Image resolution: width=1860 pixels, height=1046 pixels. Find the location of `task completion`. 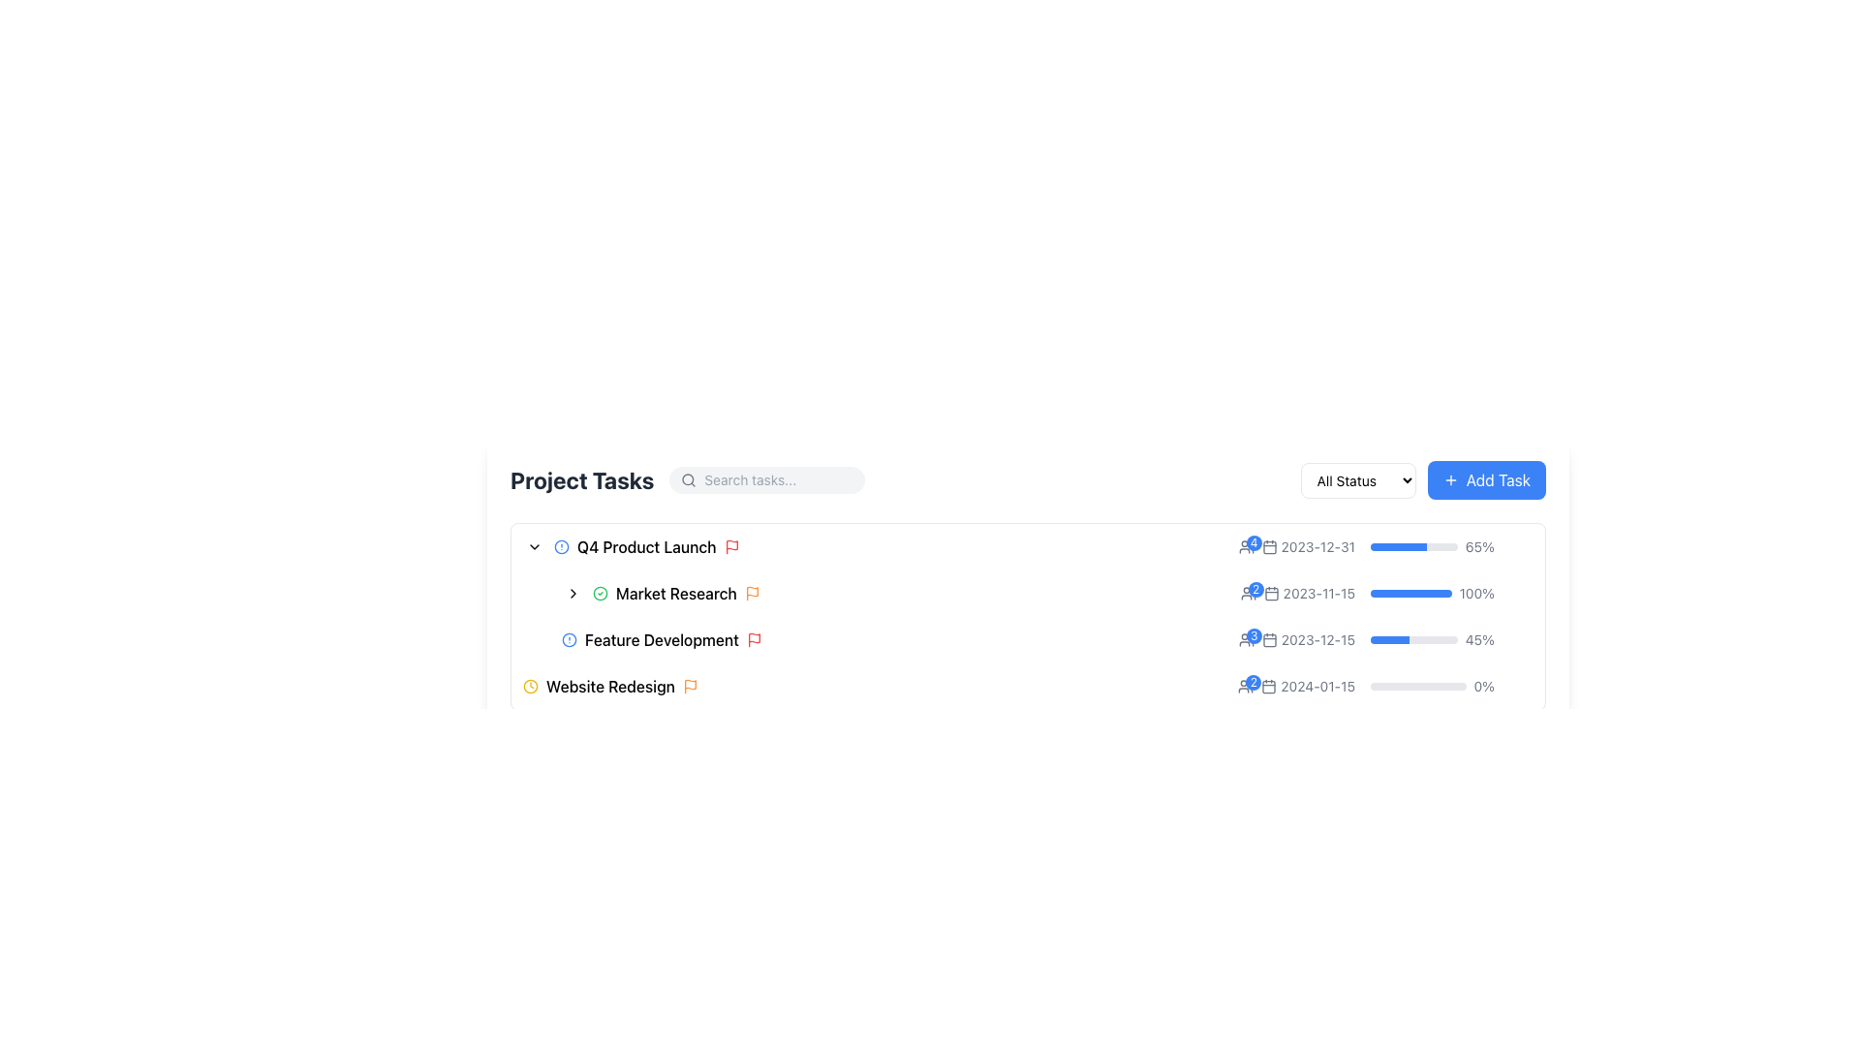

task completion is located at coordinates (1410, 546).